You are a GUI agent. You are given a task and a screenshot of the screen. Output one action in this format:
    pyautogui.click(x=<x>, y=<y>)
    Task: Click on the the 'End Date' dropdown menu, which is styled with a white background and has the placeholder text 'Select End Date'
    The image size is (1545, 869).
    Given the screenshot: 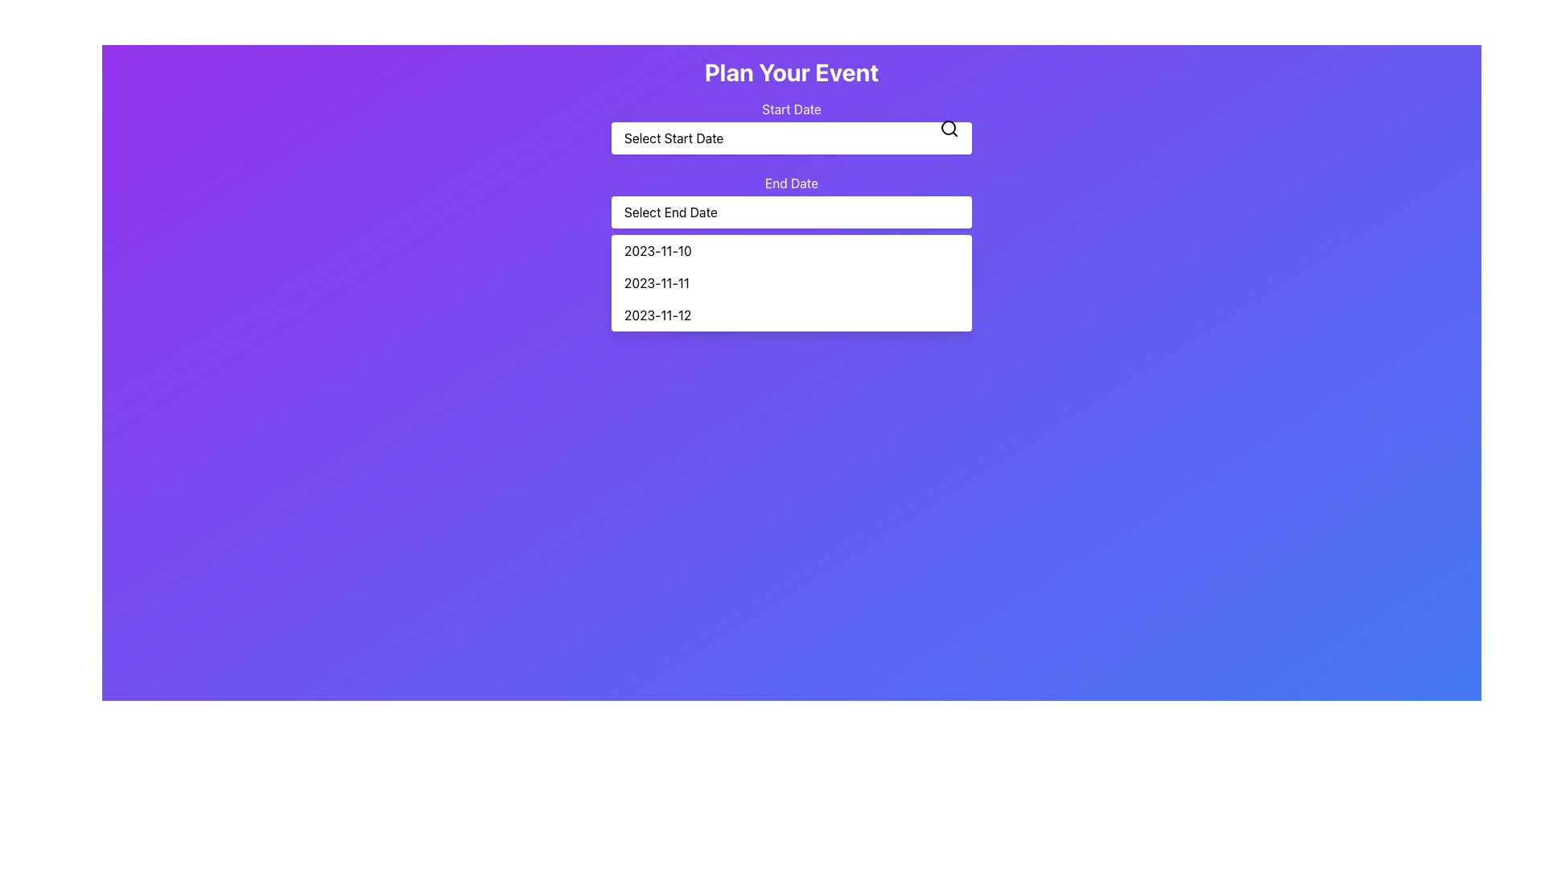 What is the action you would take?
    pyautogui.click(x=791, y=200)
    